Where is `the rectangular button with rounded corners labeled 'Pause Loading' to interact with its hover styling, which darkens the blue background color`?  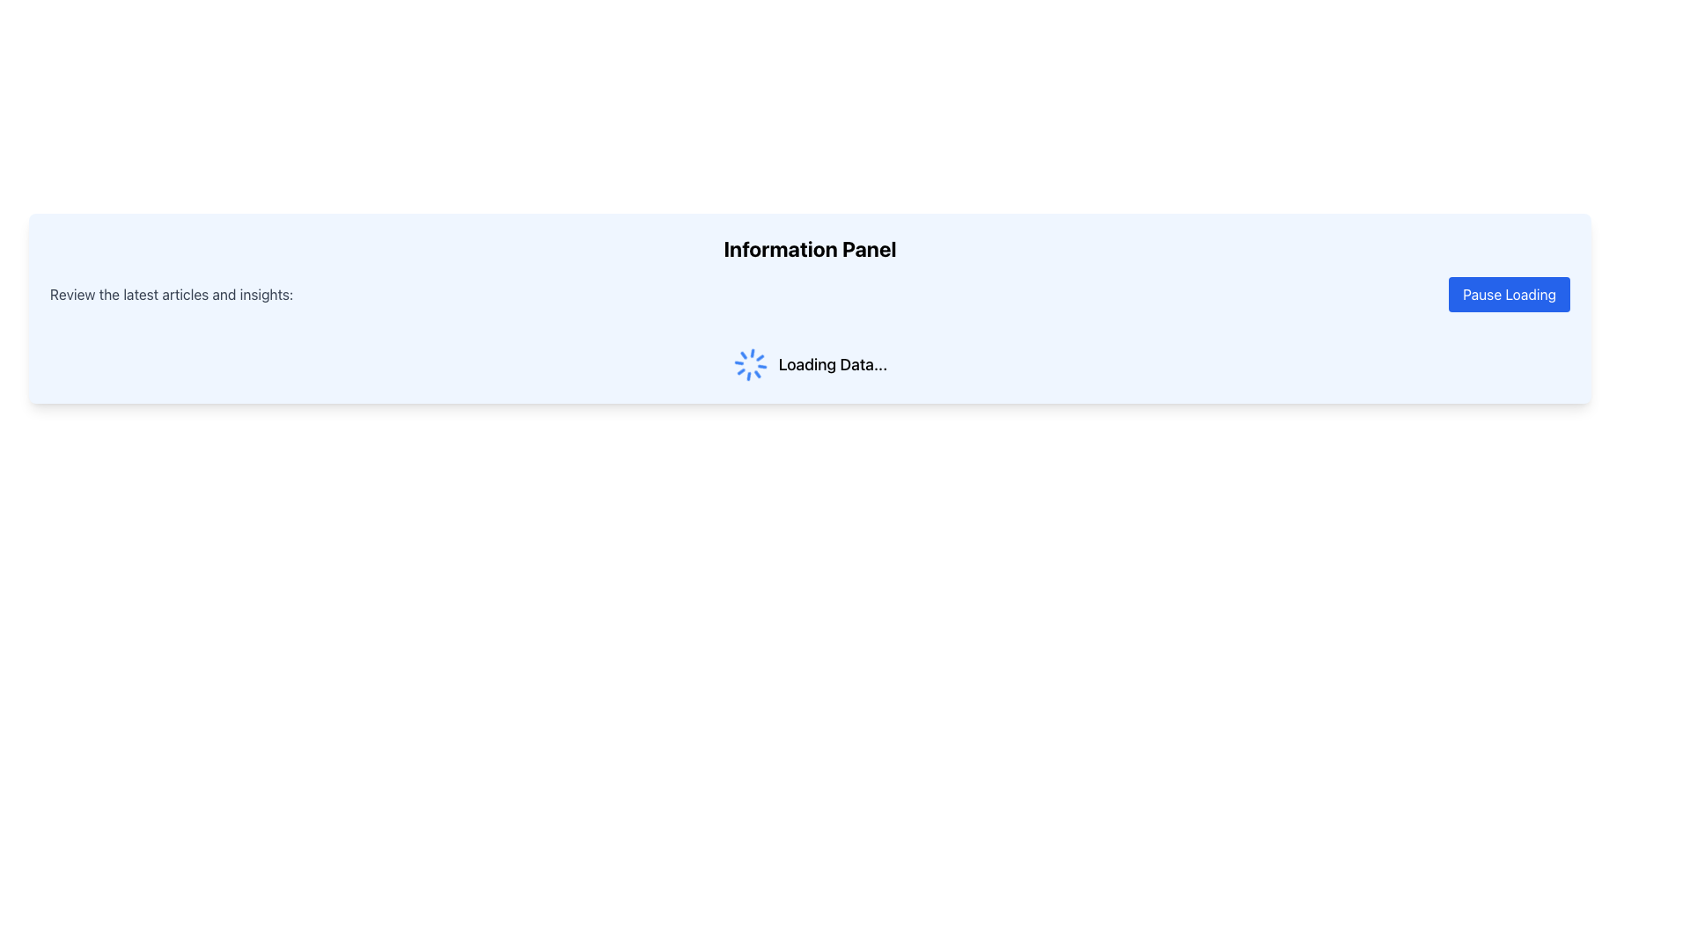
the rectangular button with rounded corners labeled 'Pause Loading' to interact with its hover styling, which darkens the blue background color is located at coordinates (1509, 294).